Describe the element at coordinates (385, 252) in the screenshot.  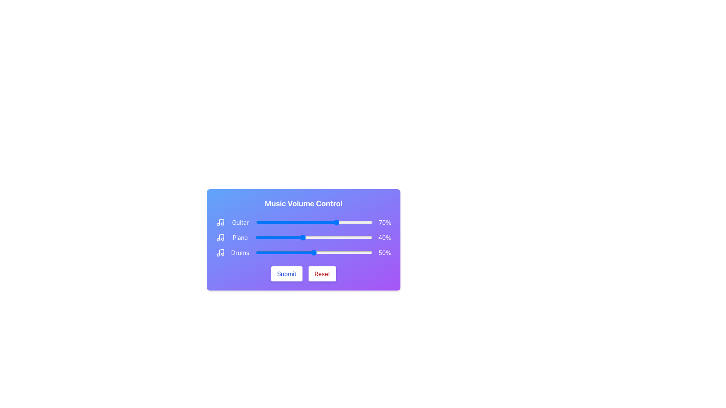
I see `the Text Label that displays the current value (50%) associated with the 'Drums' slider control, located to the right of the slider` at that location.